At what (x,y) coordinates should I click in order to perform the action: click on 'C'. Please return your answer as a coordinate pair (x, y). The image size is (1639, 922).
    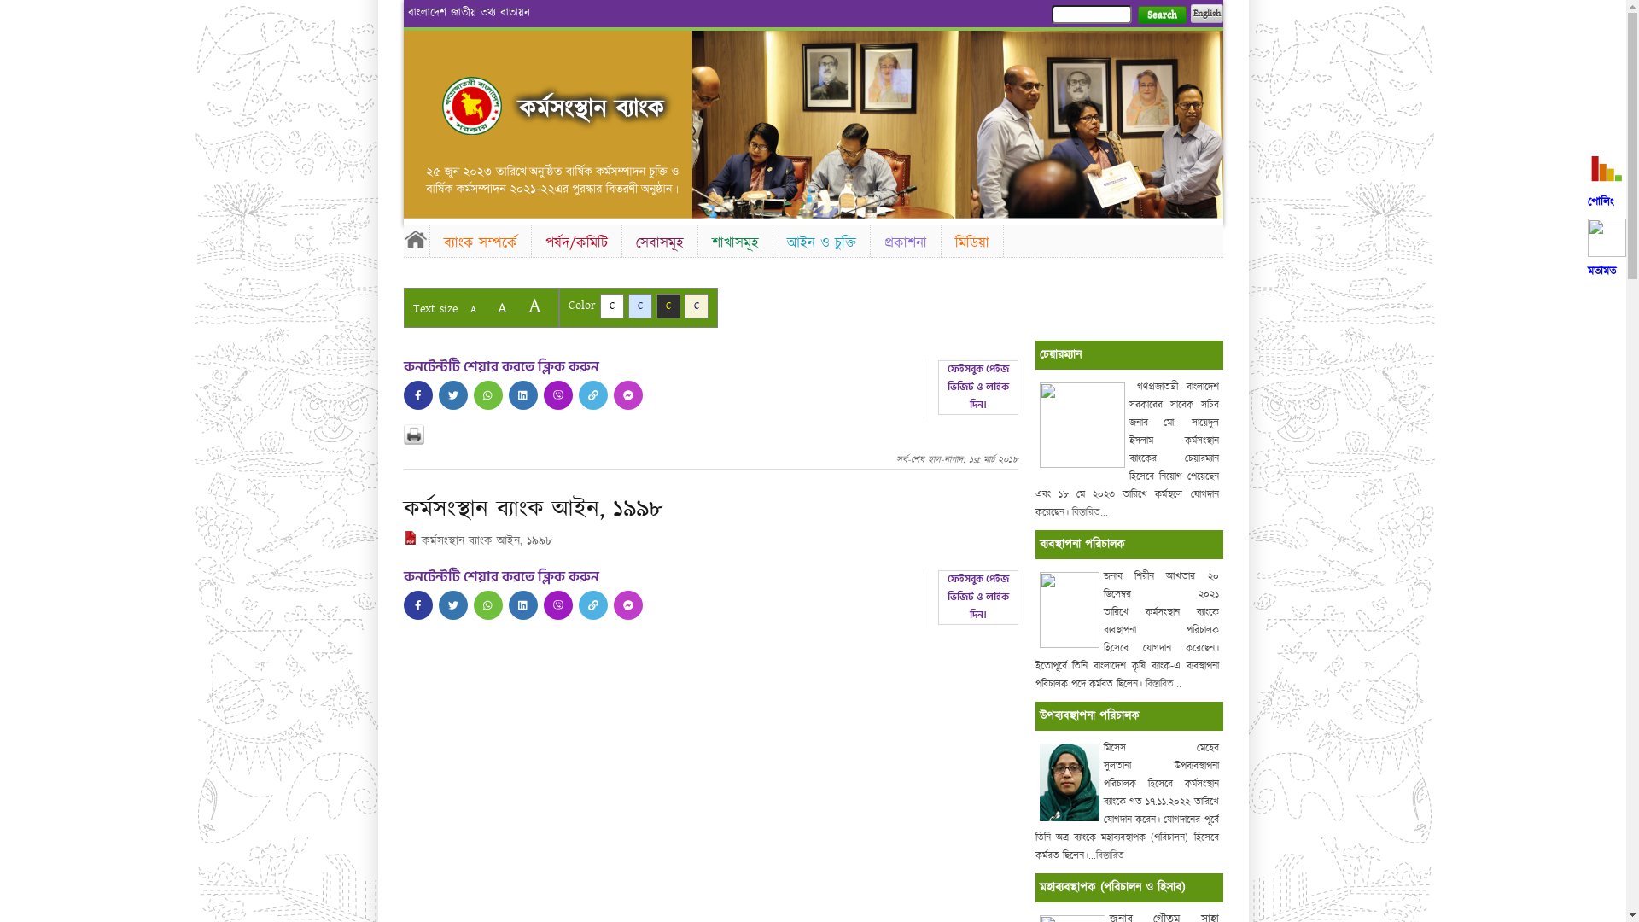
    Looking at the image, I should click on (697, 305).